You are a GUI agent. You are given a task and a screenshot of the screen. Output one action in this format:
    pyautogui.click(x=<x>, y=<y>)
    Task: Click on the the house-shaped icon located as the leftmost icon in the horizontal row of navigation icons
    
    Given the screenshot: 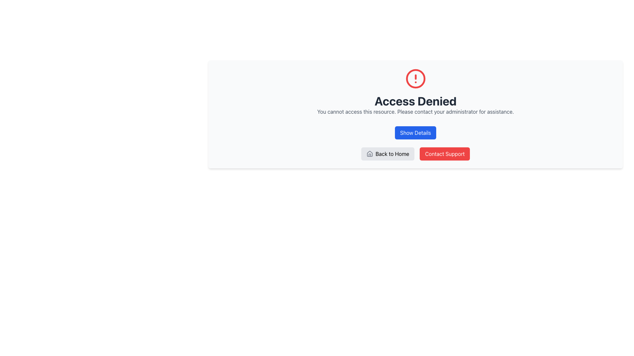 What is the action you would take?
    pyautogui.click(x=369, y=154)
    